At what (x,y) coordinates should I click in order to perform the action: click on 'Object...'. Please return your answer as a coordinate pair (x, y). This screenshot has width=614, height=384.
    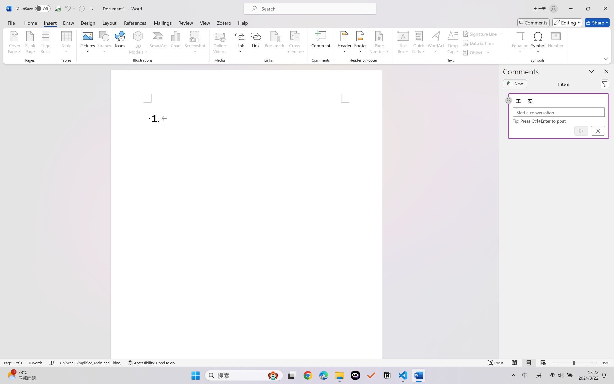
    Looking at the image, I should click on (473, 53).